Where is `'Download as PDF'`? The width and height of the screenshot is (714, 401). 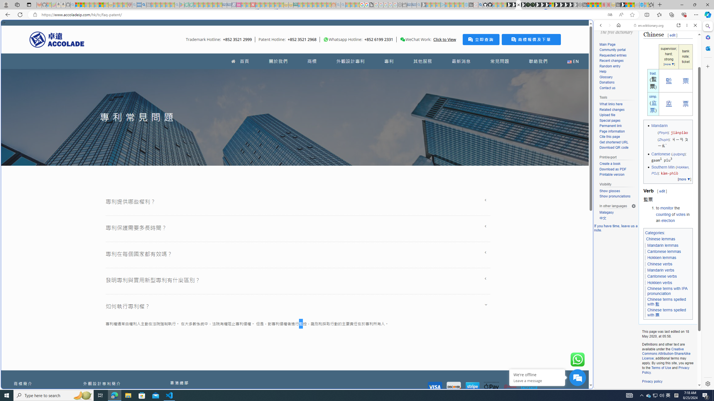 'Download as PDF' is located at coordinates (617, 169).